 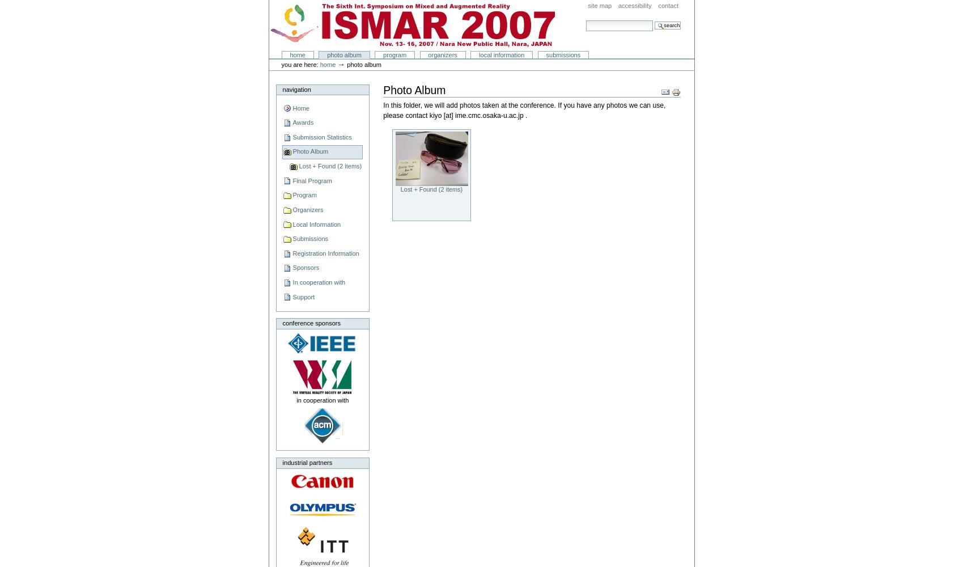 I want to click on 'Submission Statistics', so click(x=321, y=136).